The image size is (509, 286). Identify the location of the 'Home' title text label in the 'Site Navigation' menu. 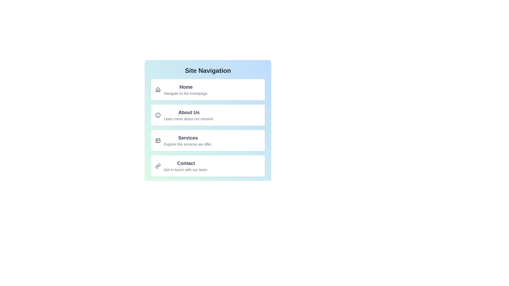
(186, 87).